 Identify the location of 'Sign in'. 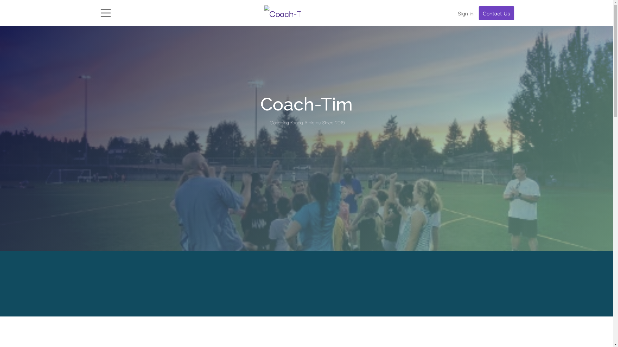
(465, 13).